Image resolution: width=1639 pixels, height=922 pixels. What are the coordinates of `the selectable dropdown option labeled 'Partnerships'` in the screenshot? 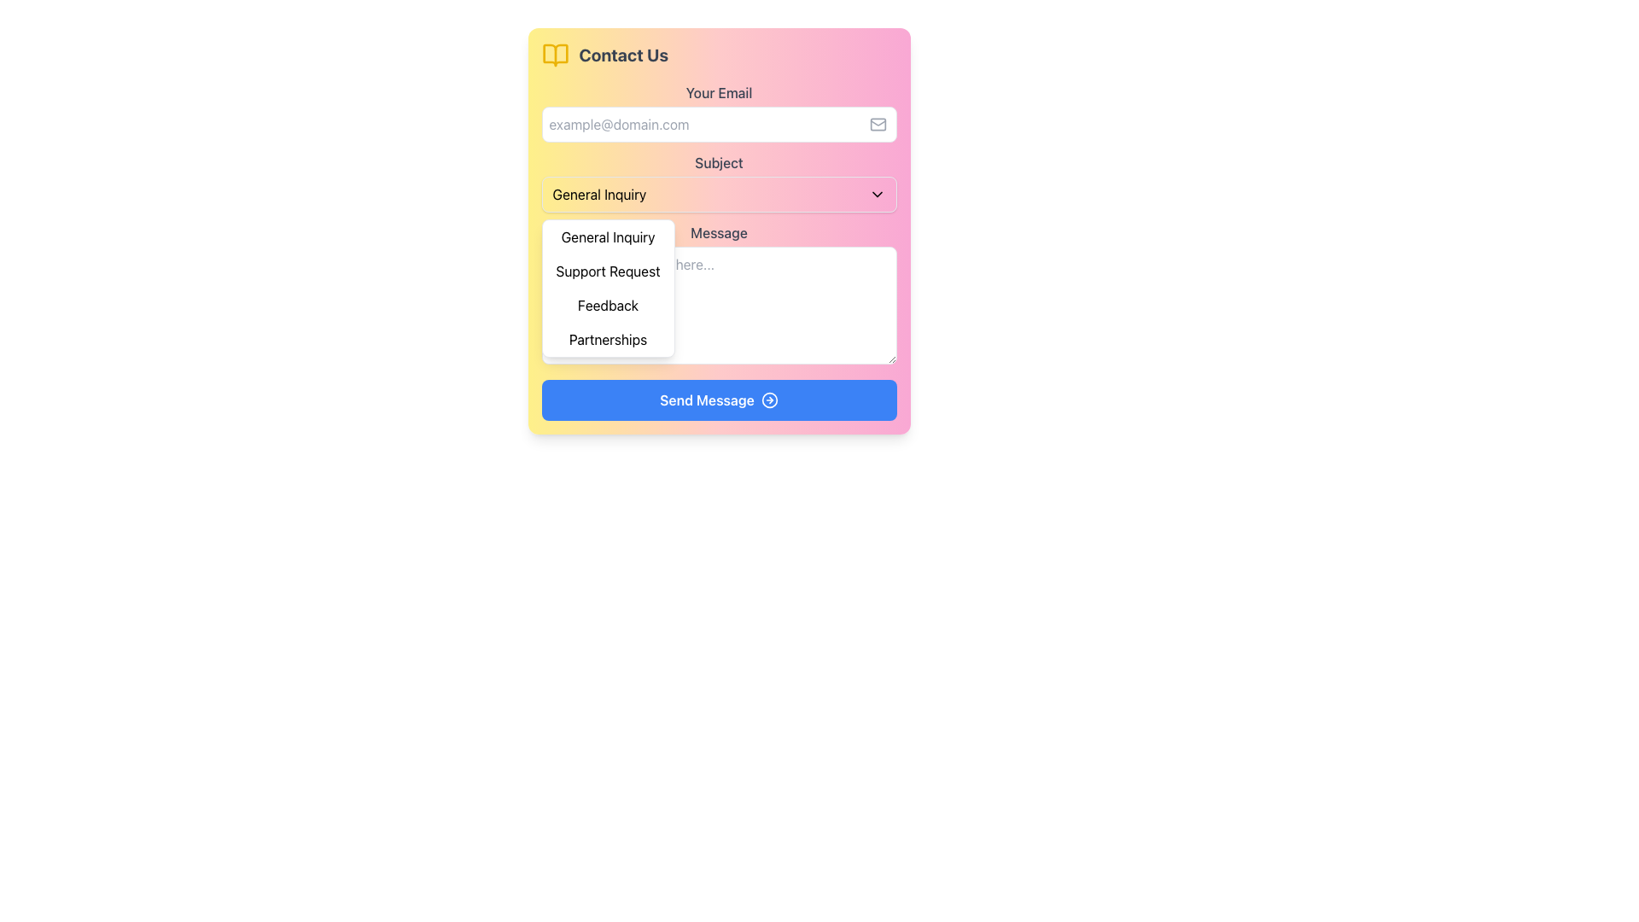 It's located at (608, 339).